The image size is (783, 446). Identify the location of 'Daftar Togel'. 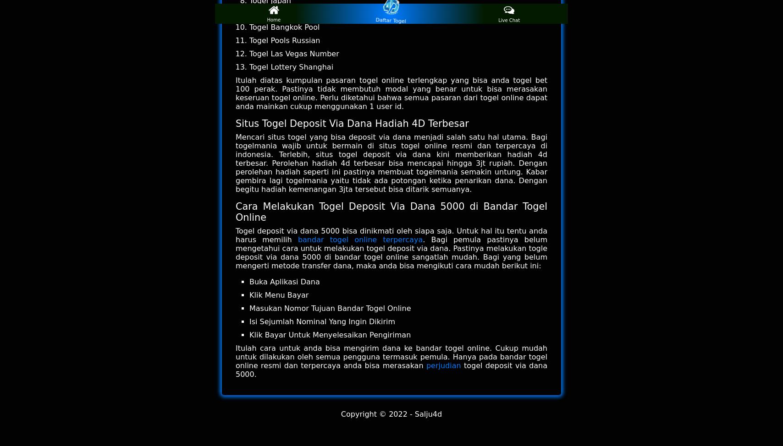
(391, 19).